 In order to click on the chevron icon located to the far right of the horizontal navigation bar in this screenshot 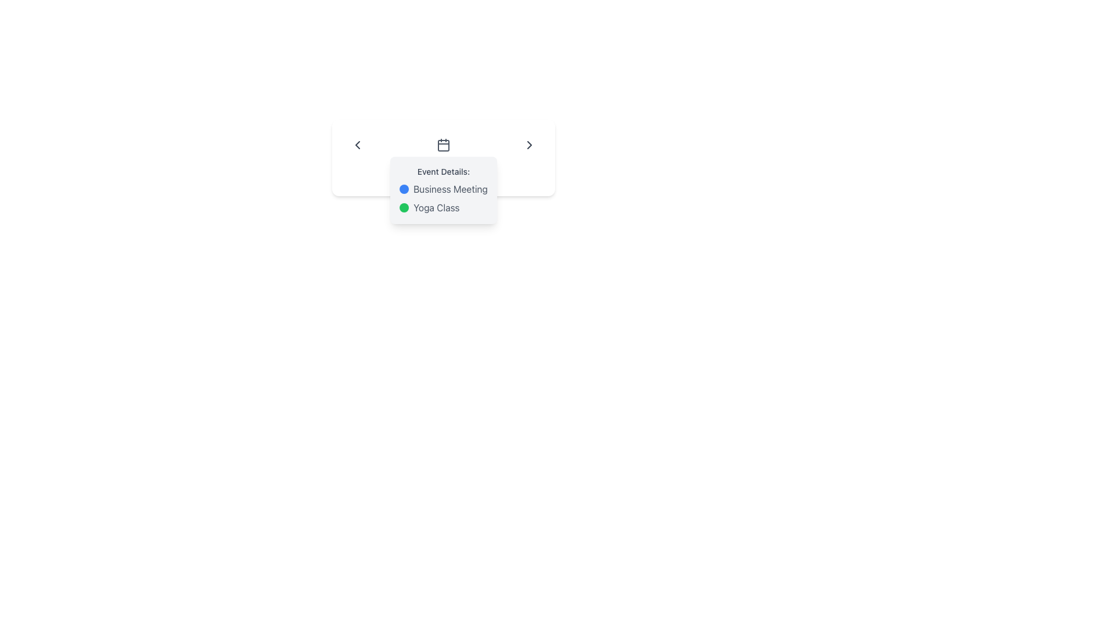, I will do `click(529, 145)`.